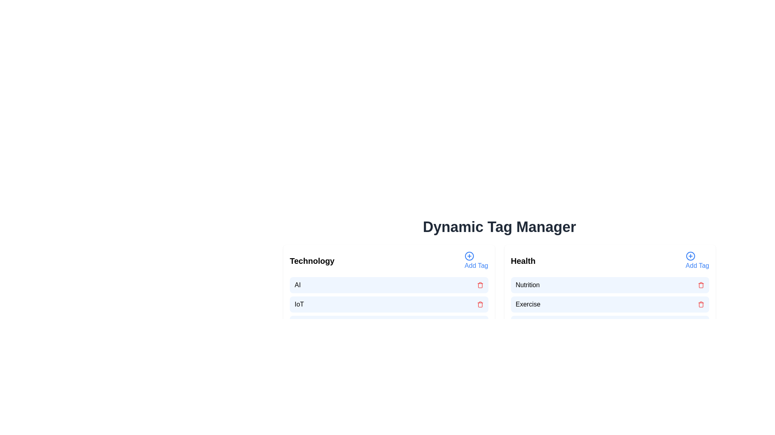 The image size is (775, 435). I want to click on the red trash can icon button located at the far-right side of the 'Exercise' row in the 'Health' category section, so click(701, 304).